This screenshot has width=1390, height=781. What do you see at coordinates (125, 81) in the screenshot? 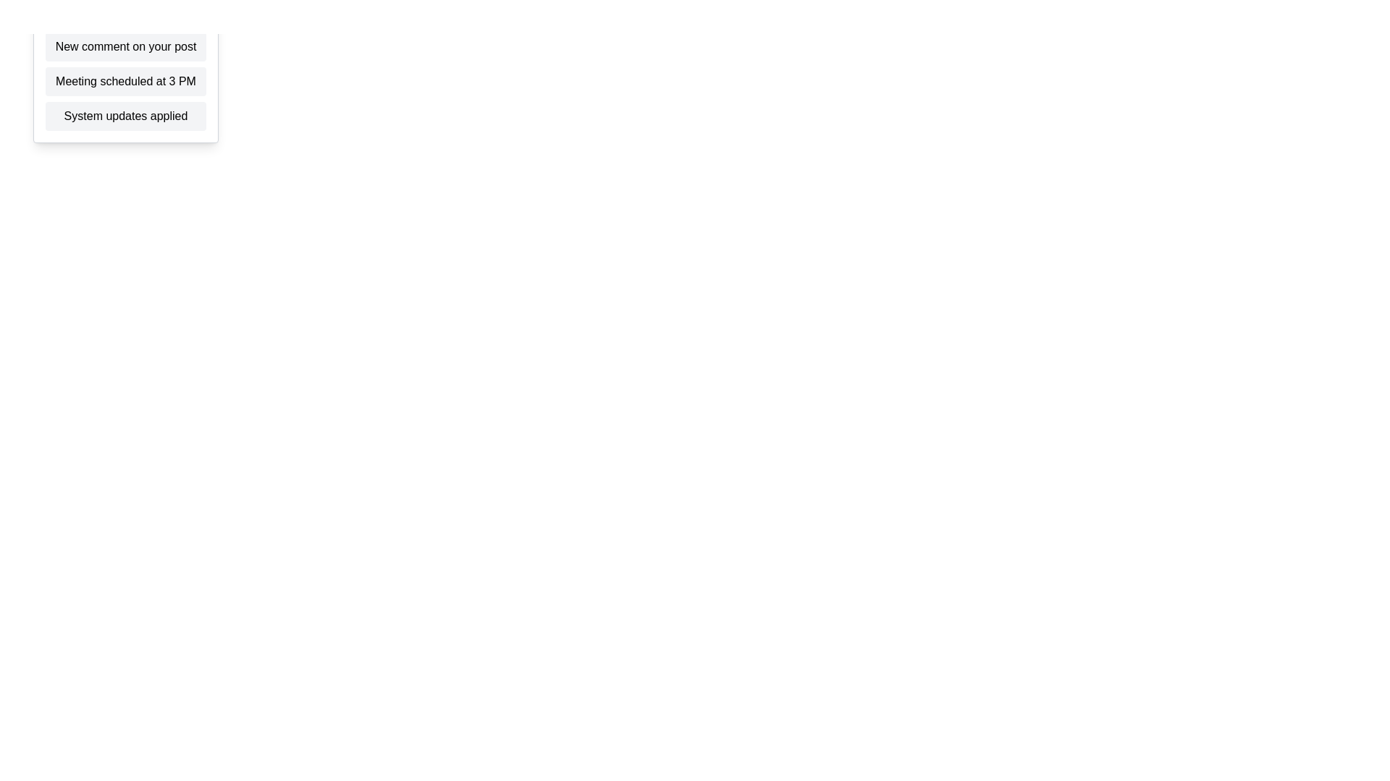
I see `notification text from the second notification item in the Notification List, which is located below the title 'Notifications.'` at bounding box center [125, 81].